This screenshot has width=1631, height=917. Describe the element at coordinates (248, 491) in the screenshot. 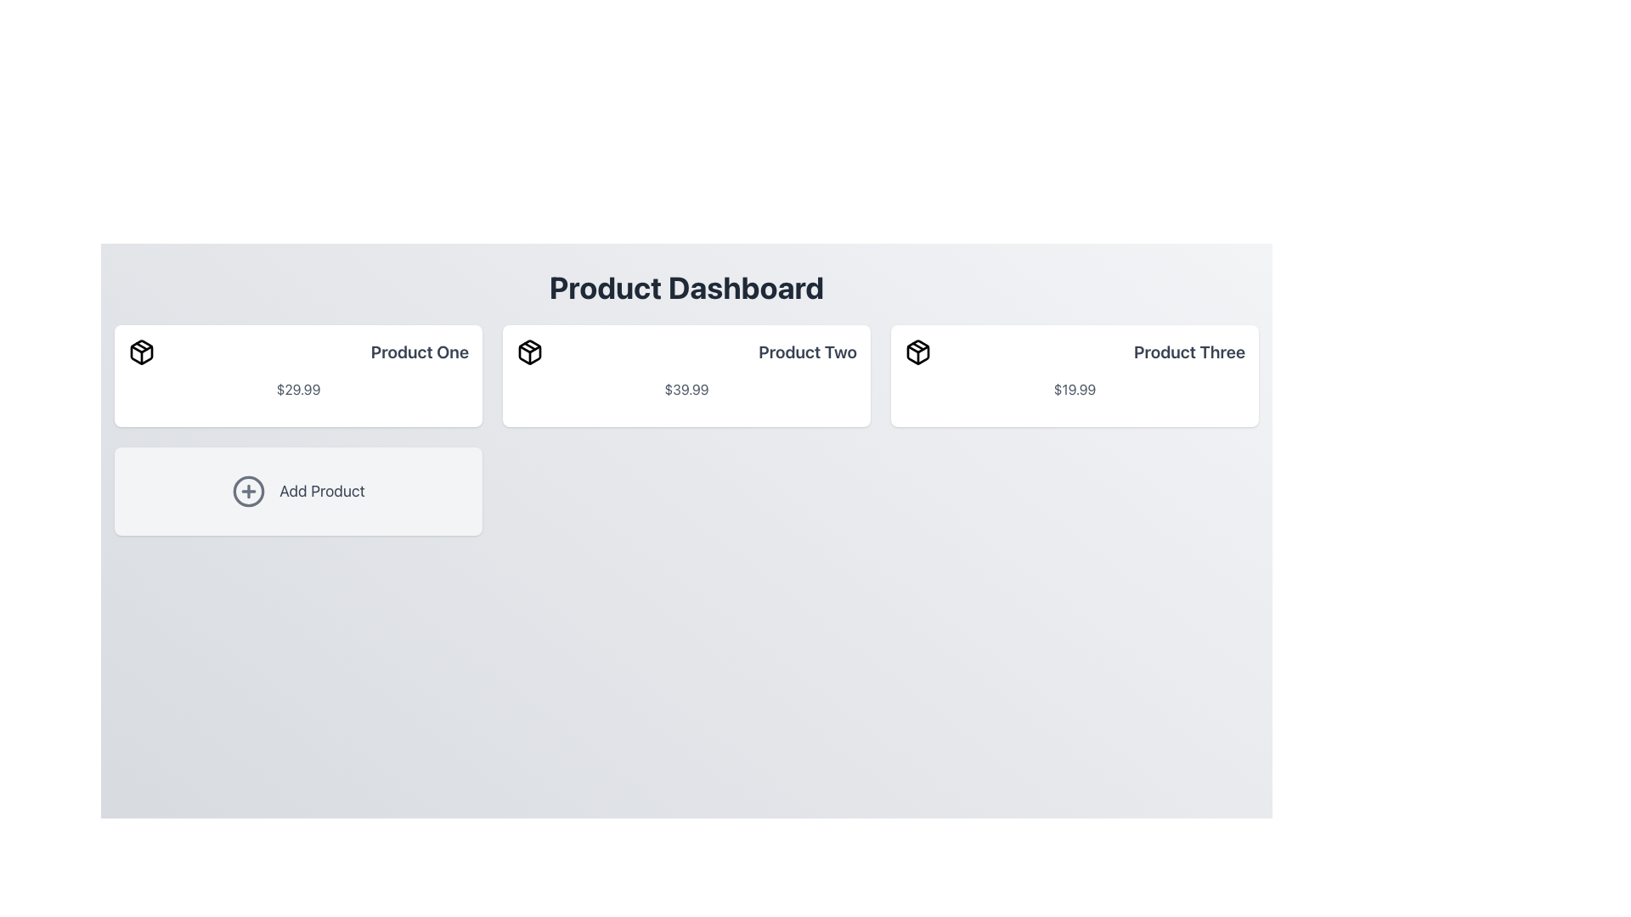

I see `the 'Add Product' button located in the bottom-left section of the main dashboard grid` at that location.